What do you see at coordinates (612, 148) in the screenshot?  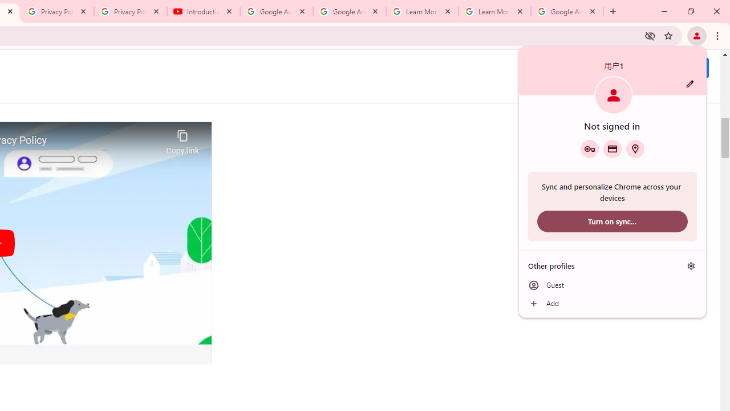 I see `'Payment methods'` at bounding box center [612, 148].